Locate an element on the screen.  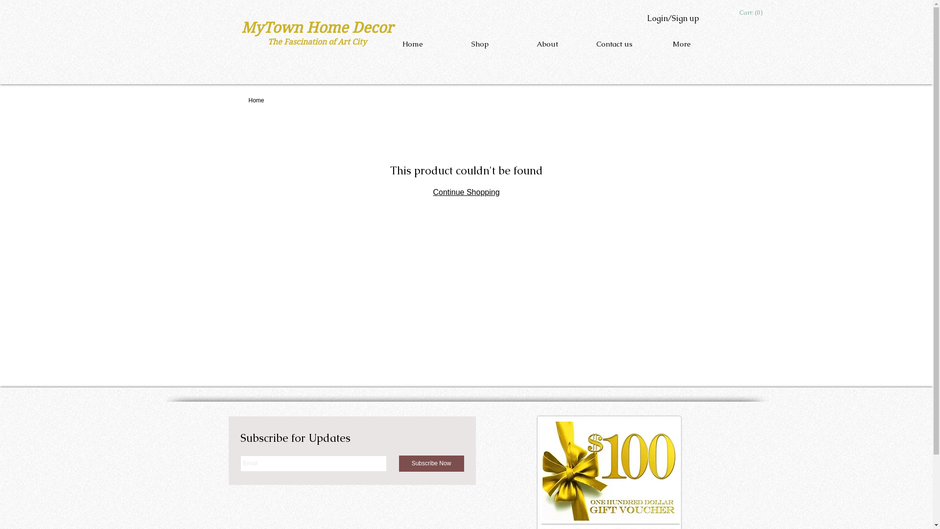
'Shop' is located at coordinates (480, 43).